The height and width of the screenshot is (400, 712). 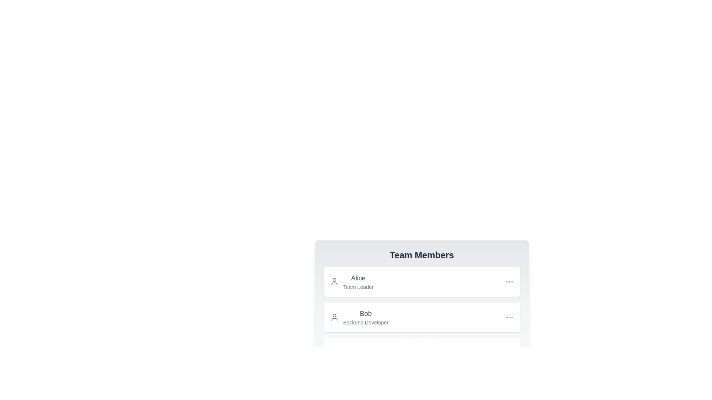 What do you see at coordinates (509, 317) in the screenshot?
I see `the '...' button for the user corresponding to Bob` at bounding box center [509, 317].